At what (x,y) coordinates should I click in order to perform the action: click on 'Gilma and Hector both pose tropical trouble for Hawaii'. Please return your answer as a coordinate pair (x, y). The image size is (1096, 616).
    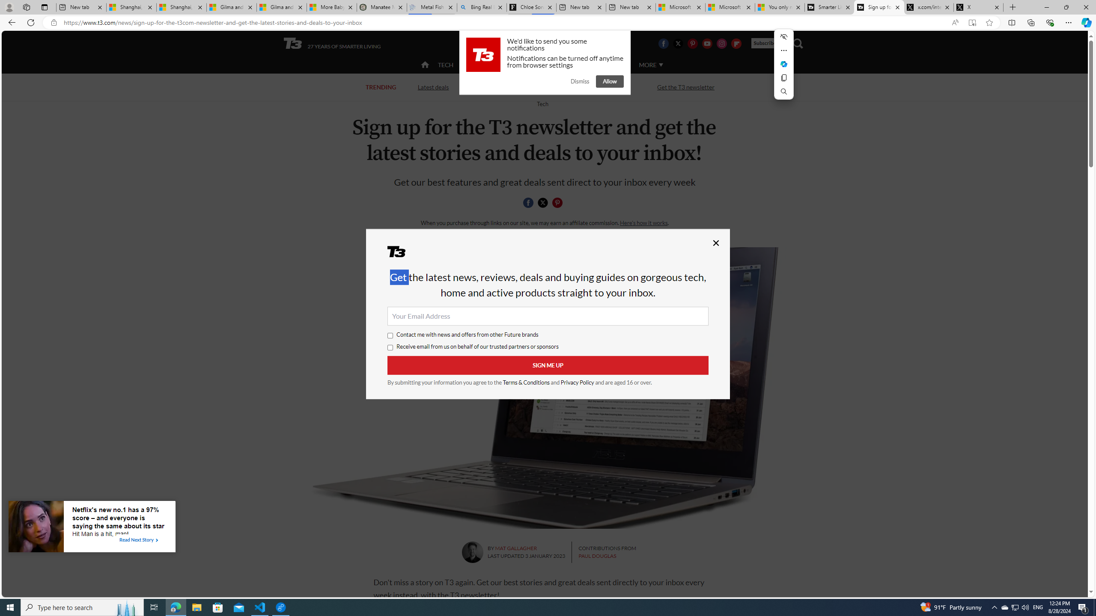
    Looking at the image, I should click on (281, 7).